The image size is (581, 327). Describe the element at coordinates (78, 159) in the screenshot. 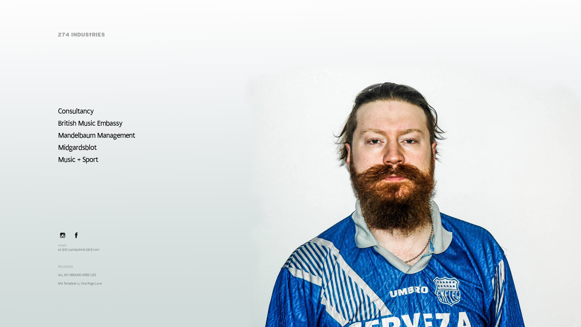

I see `'Music + Sport'` at that location.